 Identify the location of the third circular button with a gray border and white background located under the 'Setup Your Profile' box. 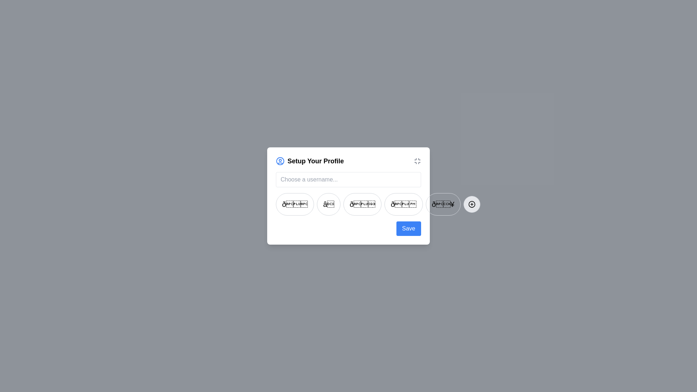
(362, 204).